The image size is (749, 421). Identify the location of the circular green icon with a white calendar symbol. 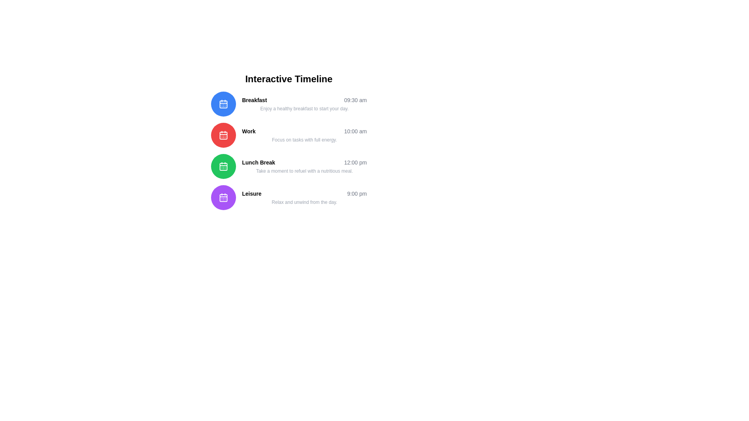
(223, 166).